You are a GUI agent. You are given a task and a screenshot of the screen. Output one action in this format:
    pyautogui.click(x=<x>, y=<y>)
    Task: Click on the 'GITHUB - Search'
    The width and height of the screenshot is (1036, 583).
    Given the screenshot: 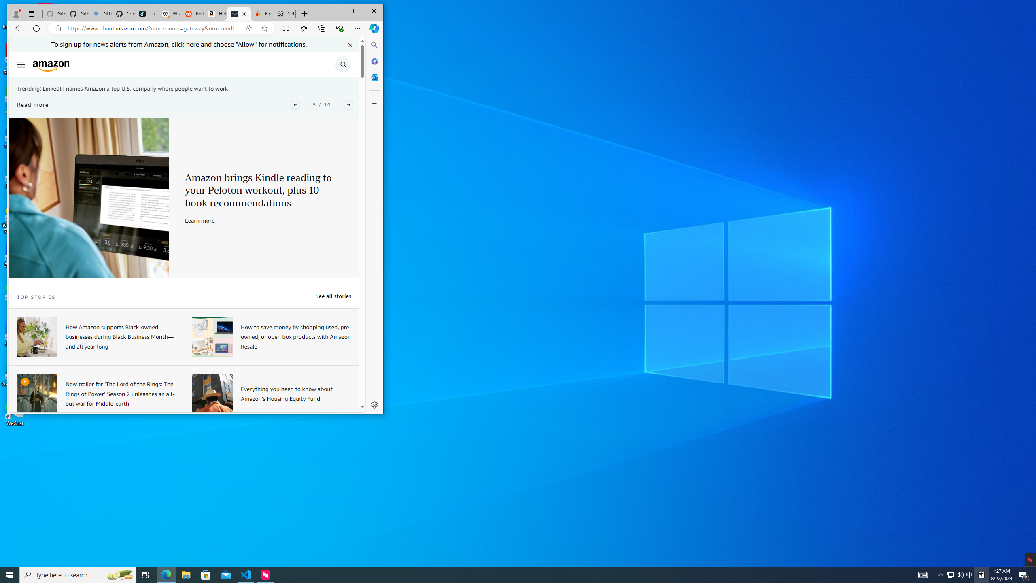 What is the action you would take?
    pyautogui.click(x=100, y=14)
    